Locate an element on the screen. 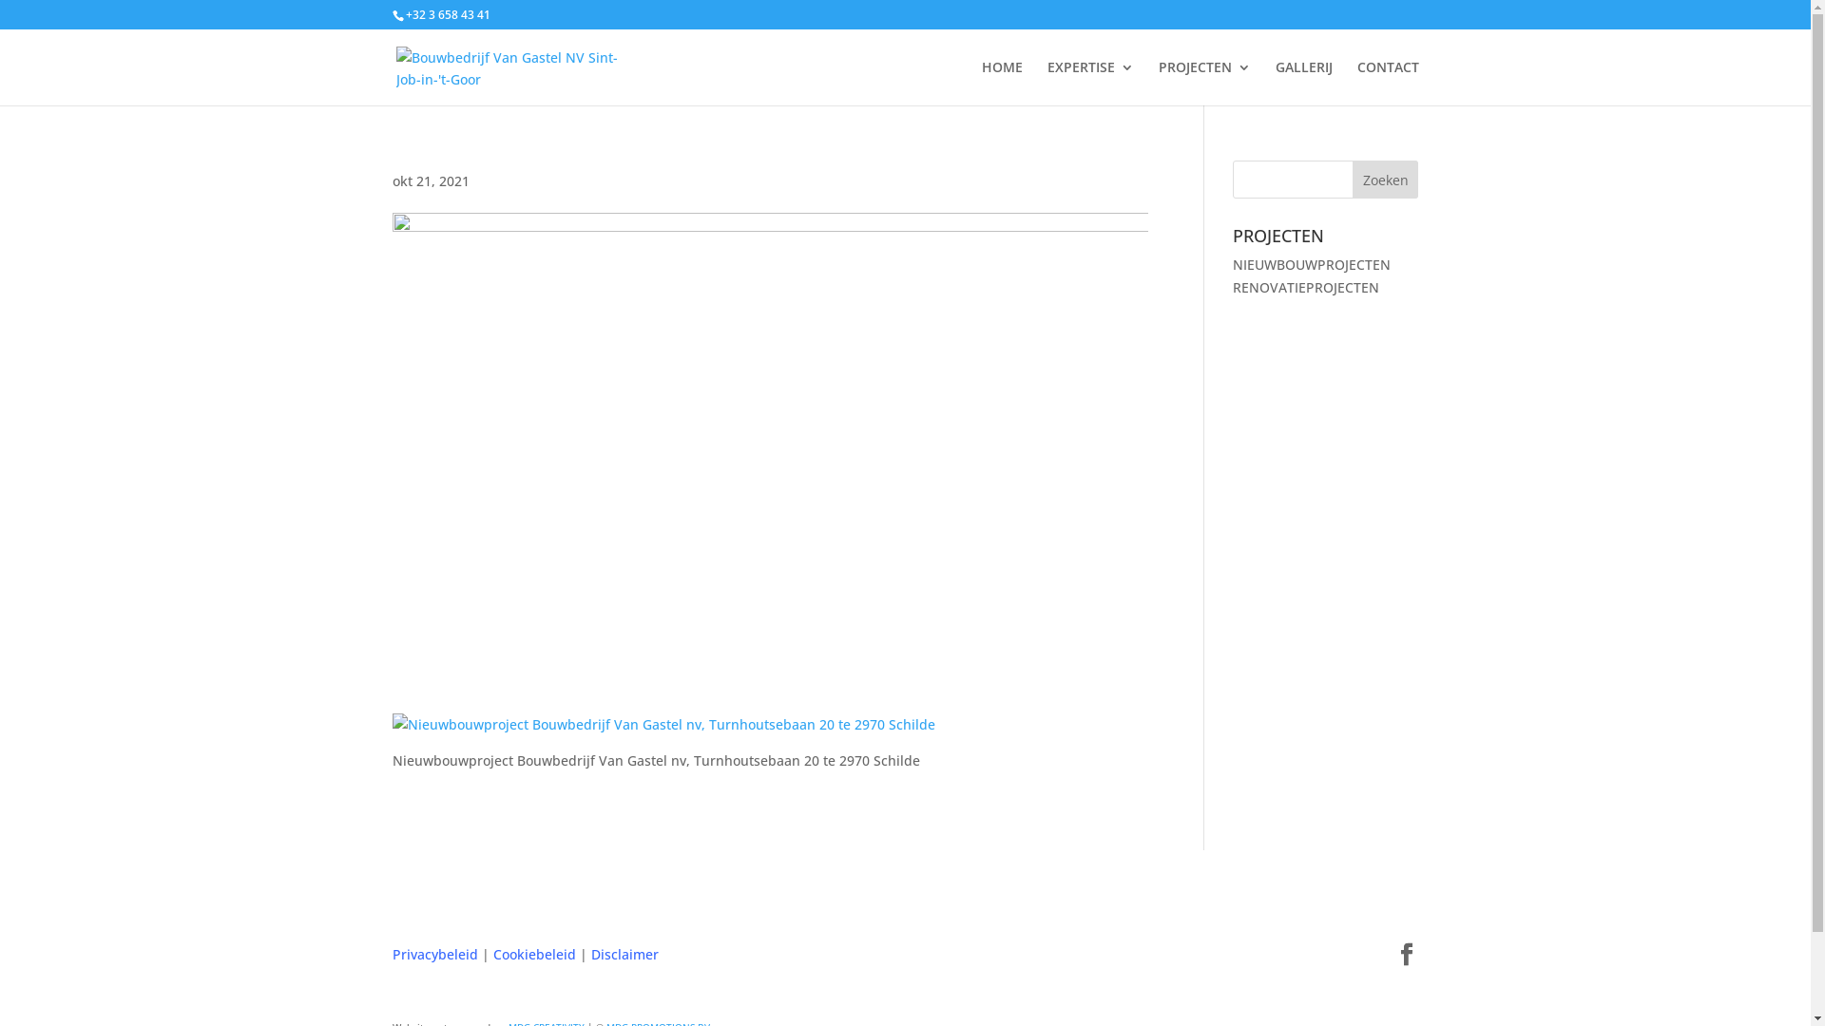  'RENOVATIEPROJECTEN' is located at coordinates (1232, 287).